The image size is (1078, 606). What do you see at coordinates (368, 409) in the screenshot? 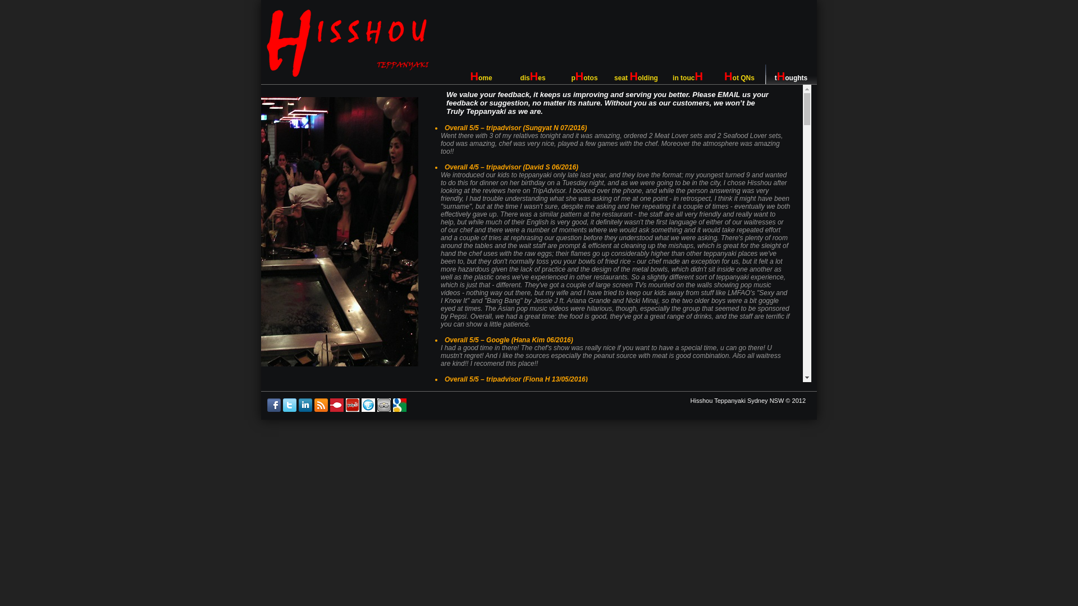
I see `'fws'` at bounding box center [368, 409].